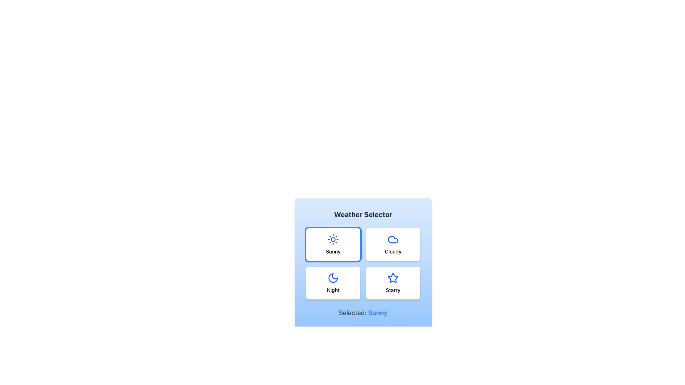 The width and height of the screenshot is (685, 385). I want to click on the cloud icon within the 'Cloudy' button located in the second column and first row of the four-button grid under 'Weather Selector', so click(393, 239).